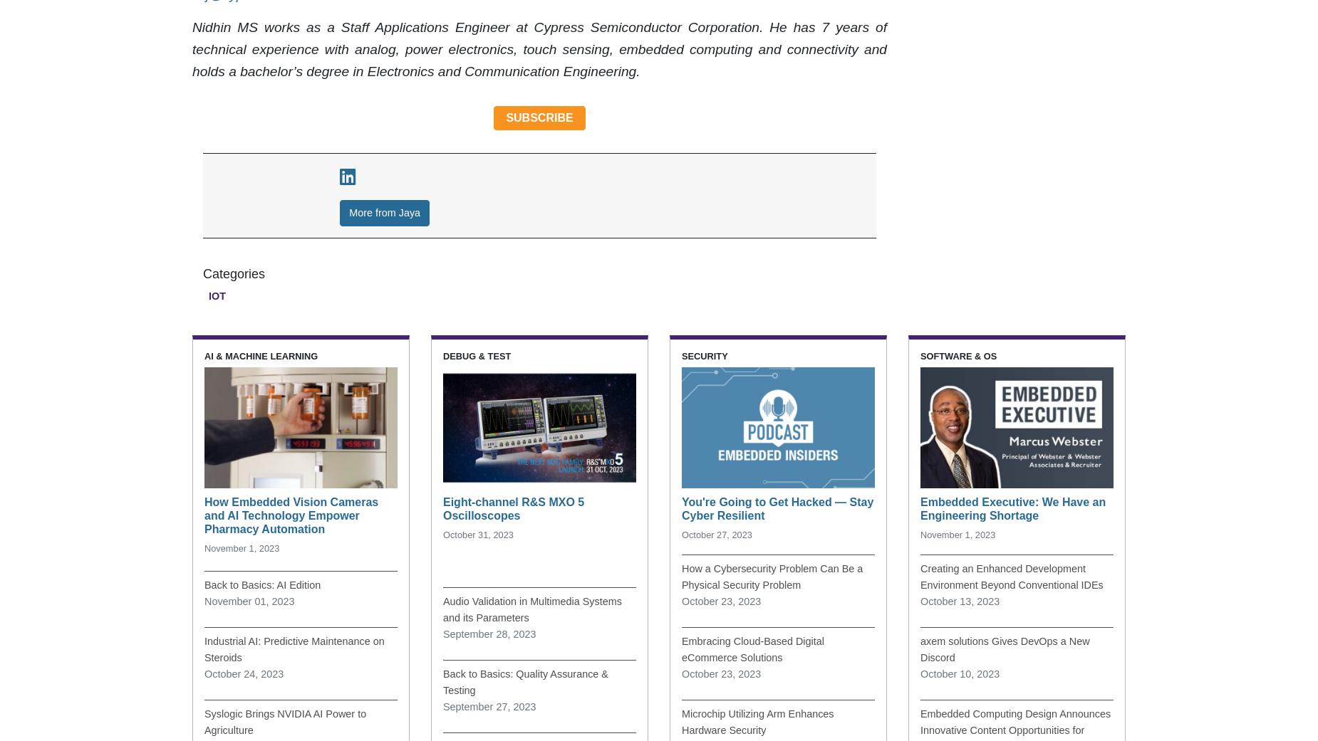 The height and width of the screenshot is (741, 1318). Describe the element at coordinates (293, 648) in the screenshot. I see `'Industrial AI: Predictive Maintenance on Steroids'` at that location.